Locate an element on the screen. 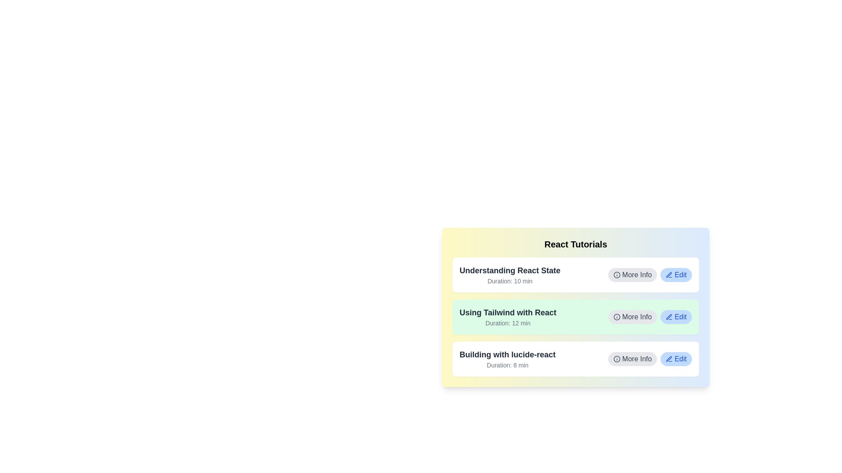  'More Info' button for the tutorial titled 'Building with lucide-react' is located at coordinates (632, 359).